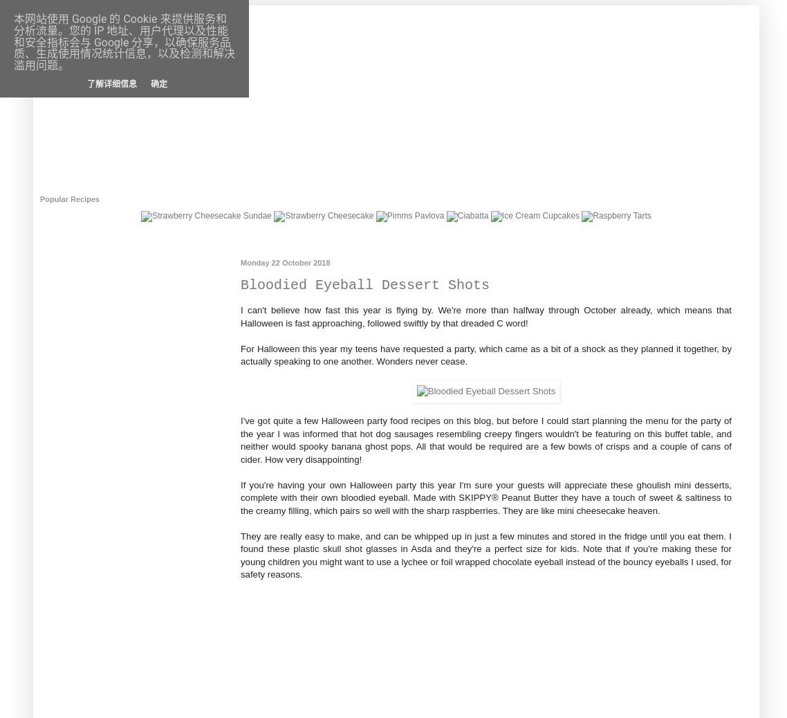 This screenshot has width=787, height=718. Describe the element at coordinates (69, 199) in the screenshot. I see `'Popular Recipes'` at that location.